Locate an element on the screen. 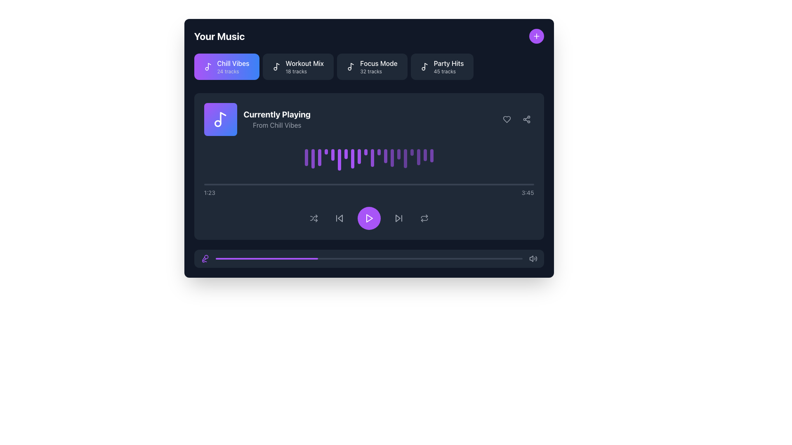  the progress bar located below the purple waveform visualization and above the media control buttons to skip to a specific time in the playback is located at coordinates (368, 190).